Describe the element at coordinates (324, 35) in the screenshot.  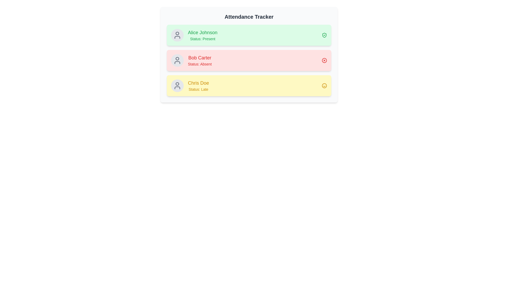
I see `the shield-shaped icon with a checkmark, which is located in the top right corner of the green-highlighted 'Alice Johnson - Status: Present' card` at that location.